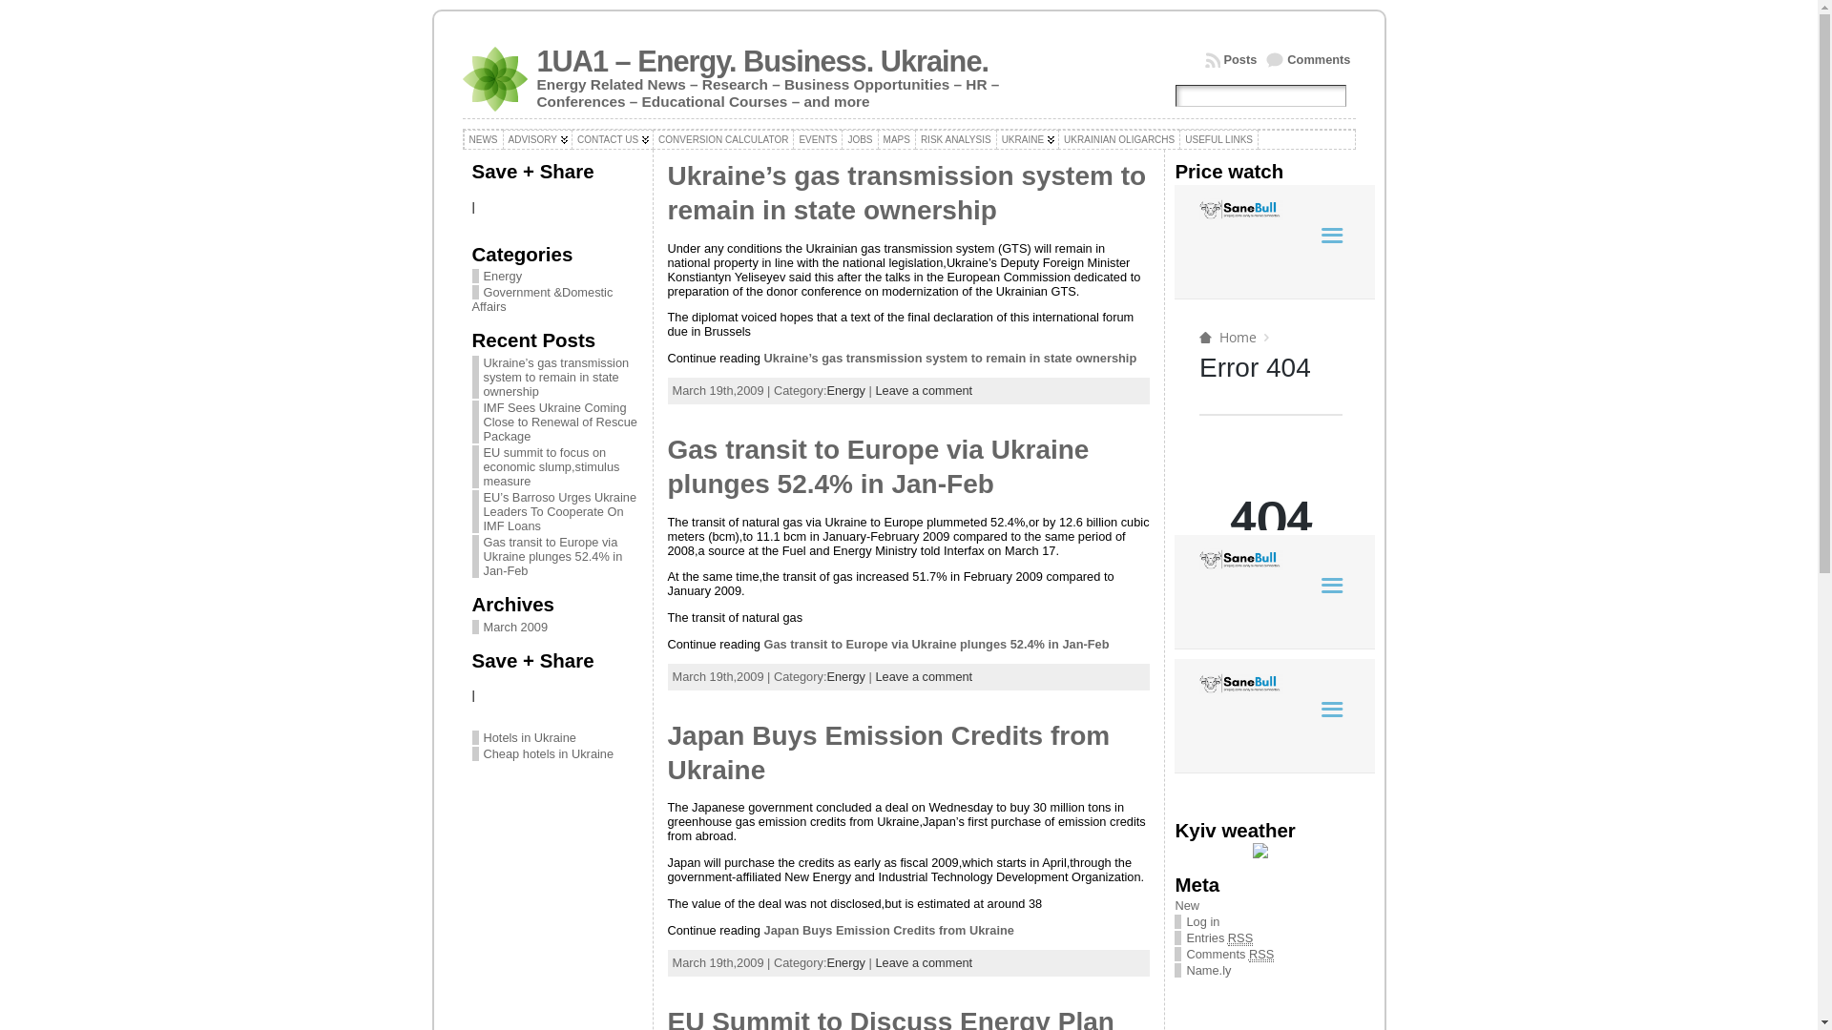 This screenshot has width=1832, height=1030. Describe the element at coordinates (1185, 955) in the screenshot. I see `'Comments RSS'` at that location.